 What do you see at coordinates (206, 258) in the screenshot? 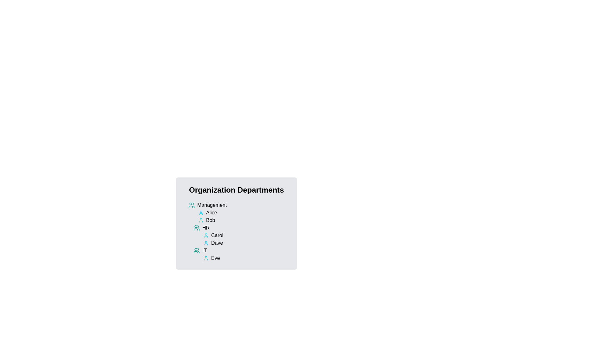
I see `the visual marker icon indicating the person 'Eve' in the IT department section located at the bottom of the 'Organization Departments' area` at bounding box center [206, 258].